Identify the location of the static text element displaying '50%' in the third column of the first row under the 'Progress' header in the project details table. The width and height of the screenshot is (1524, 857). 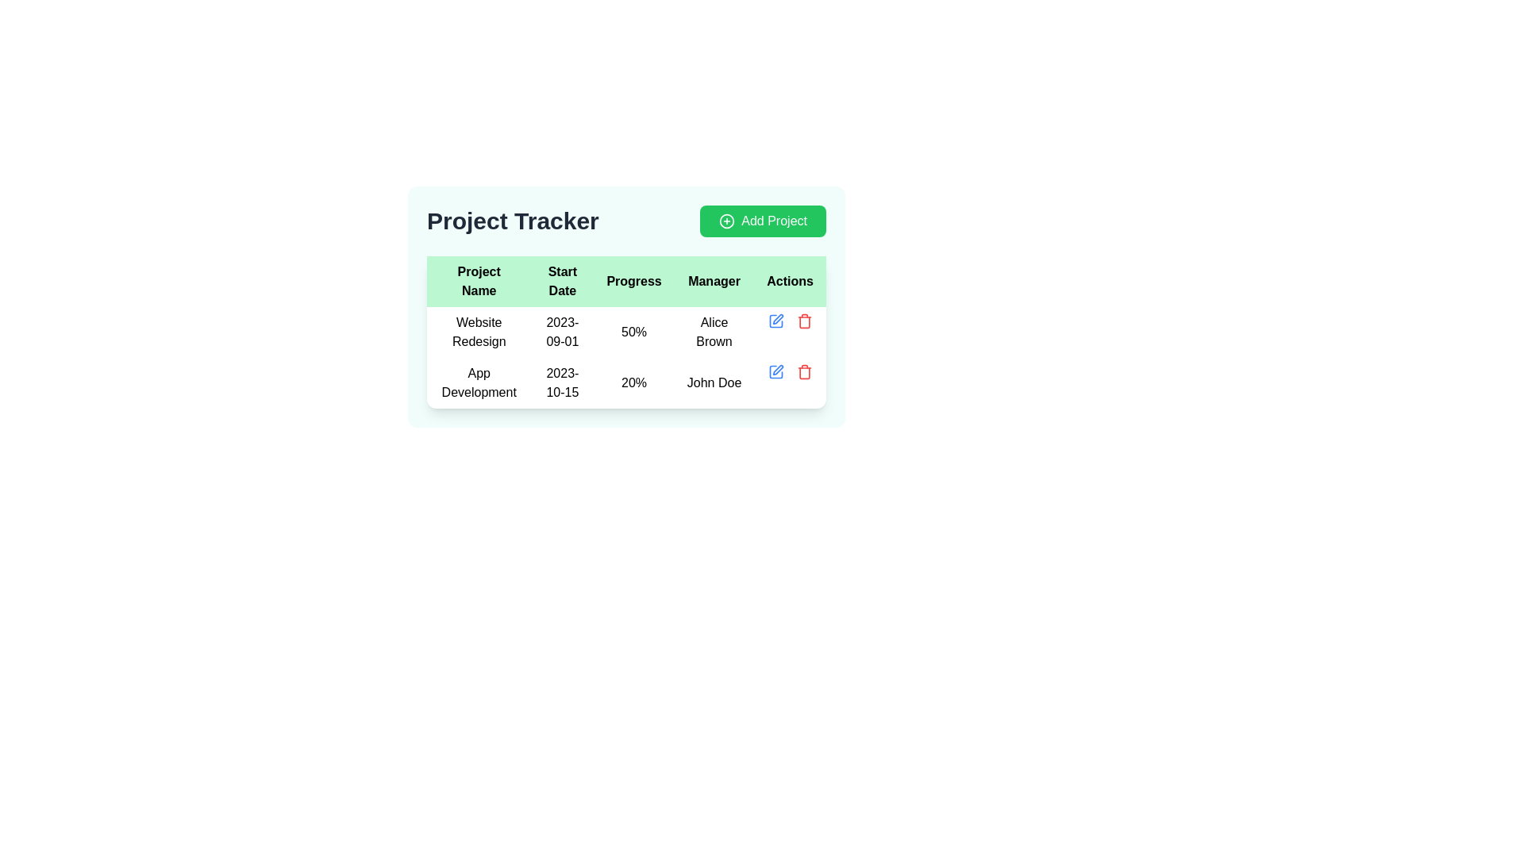
(625, 332).